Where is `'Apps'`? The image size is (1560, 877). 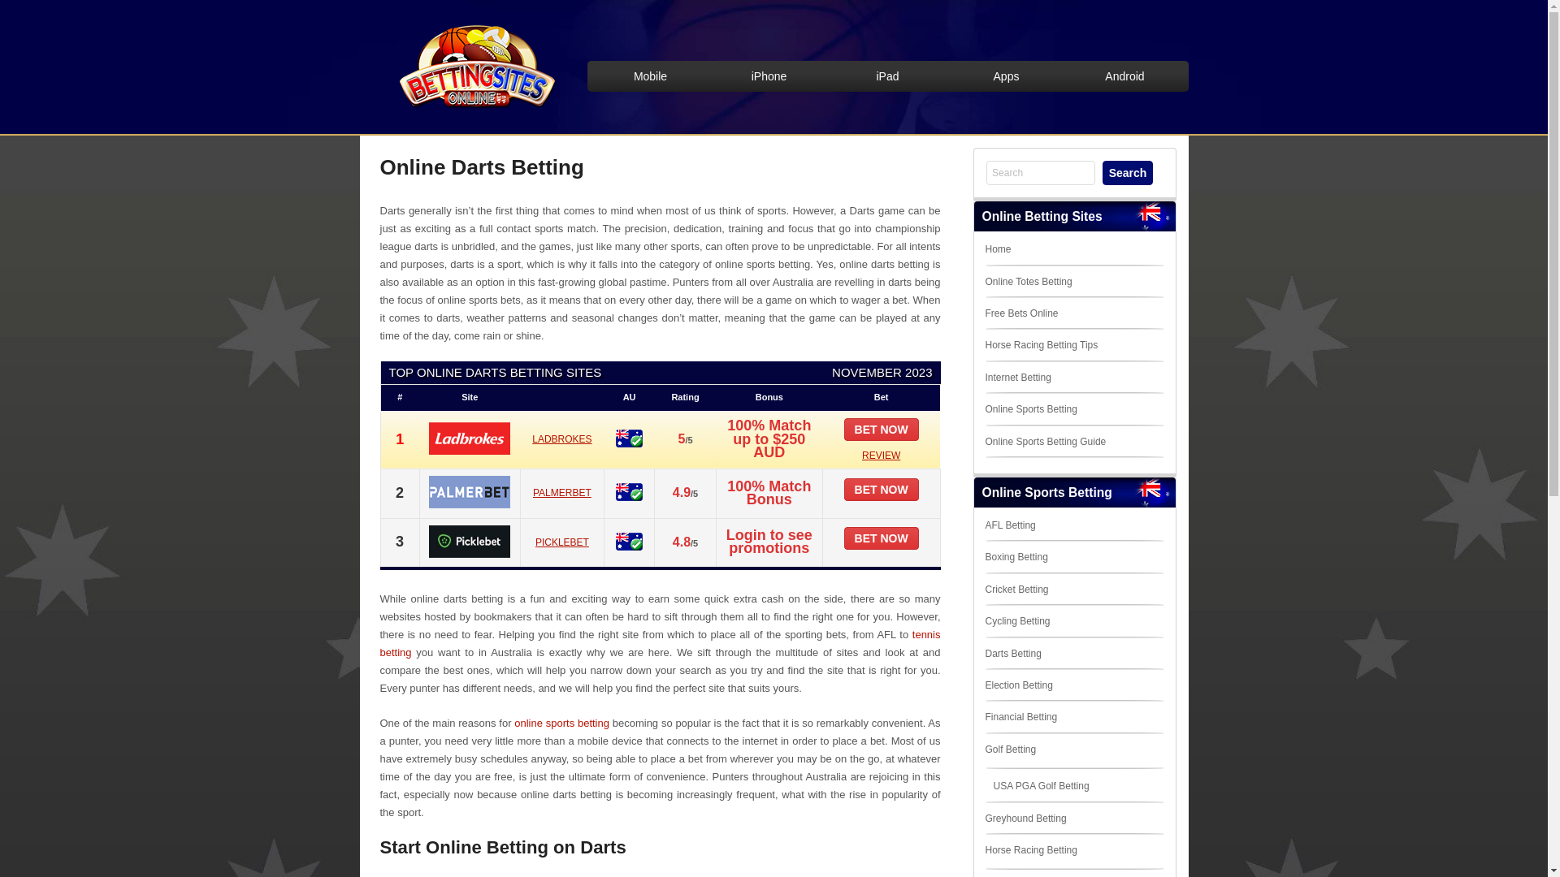 'Apps' is located at coordinates (1005, 76).